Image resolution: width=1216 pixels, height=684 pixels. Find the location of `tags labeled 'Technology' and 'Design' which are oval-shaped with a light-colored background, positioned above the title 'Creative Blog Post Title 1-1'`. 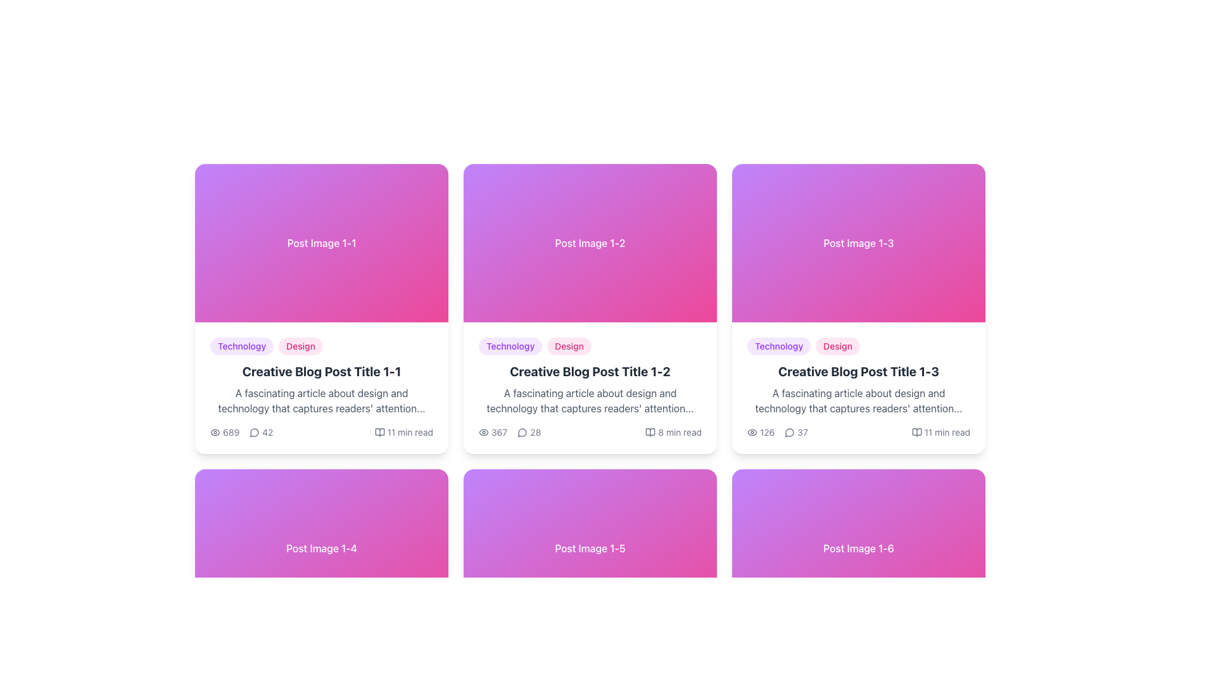

tags labeled 'Technology' and 'Design' which are oval-shaped with a light-colored background, positioned above the title 'Creative Blog Post Title 1-1' is located at coordinates (322, 346).